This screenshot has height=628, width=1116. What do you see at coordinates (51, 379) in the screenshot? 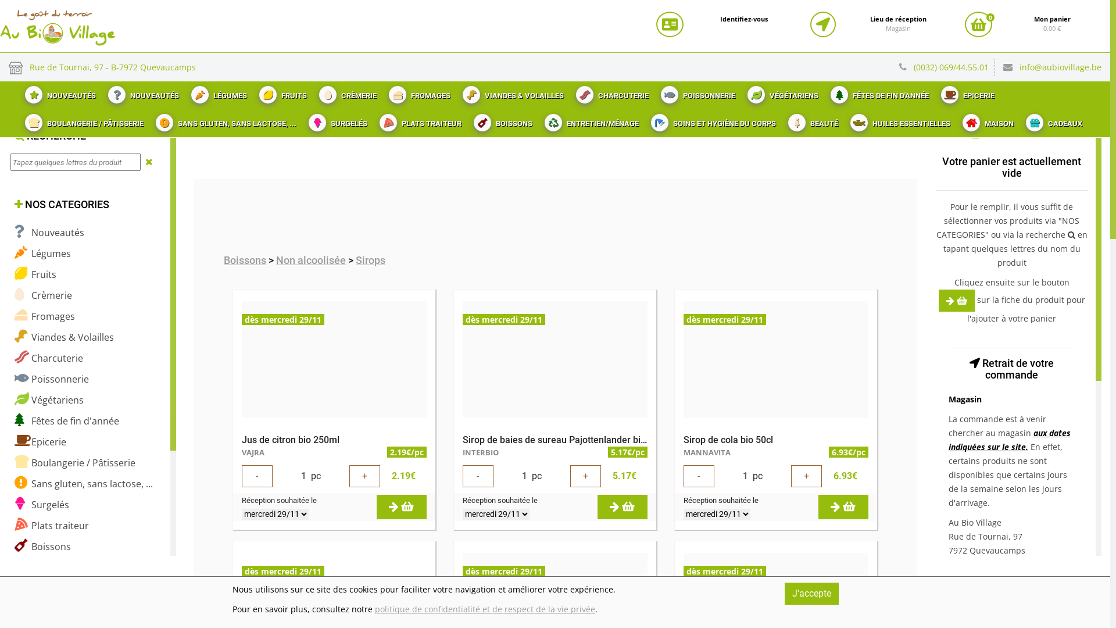
I see `'Poissonnerie'` at bounding box center [51, 379].